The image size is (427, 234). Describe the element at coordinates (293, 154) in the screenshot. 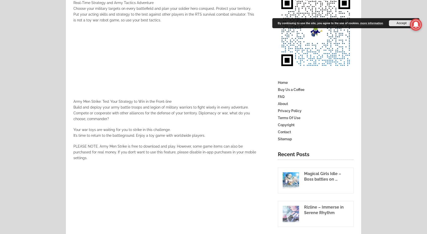

I see `'Recent Posts'` at that location.